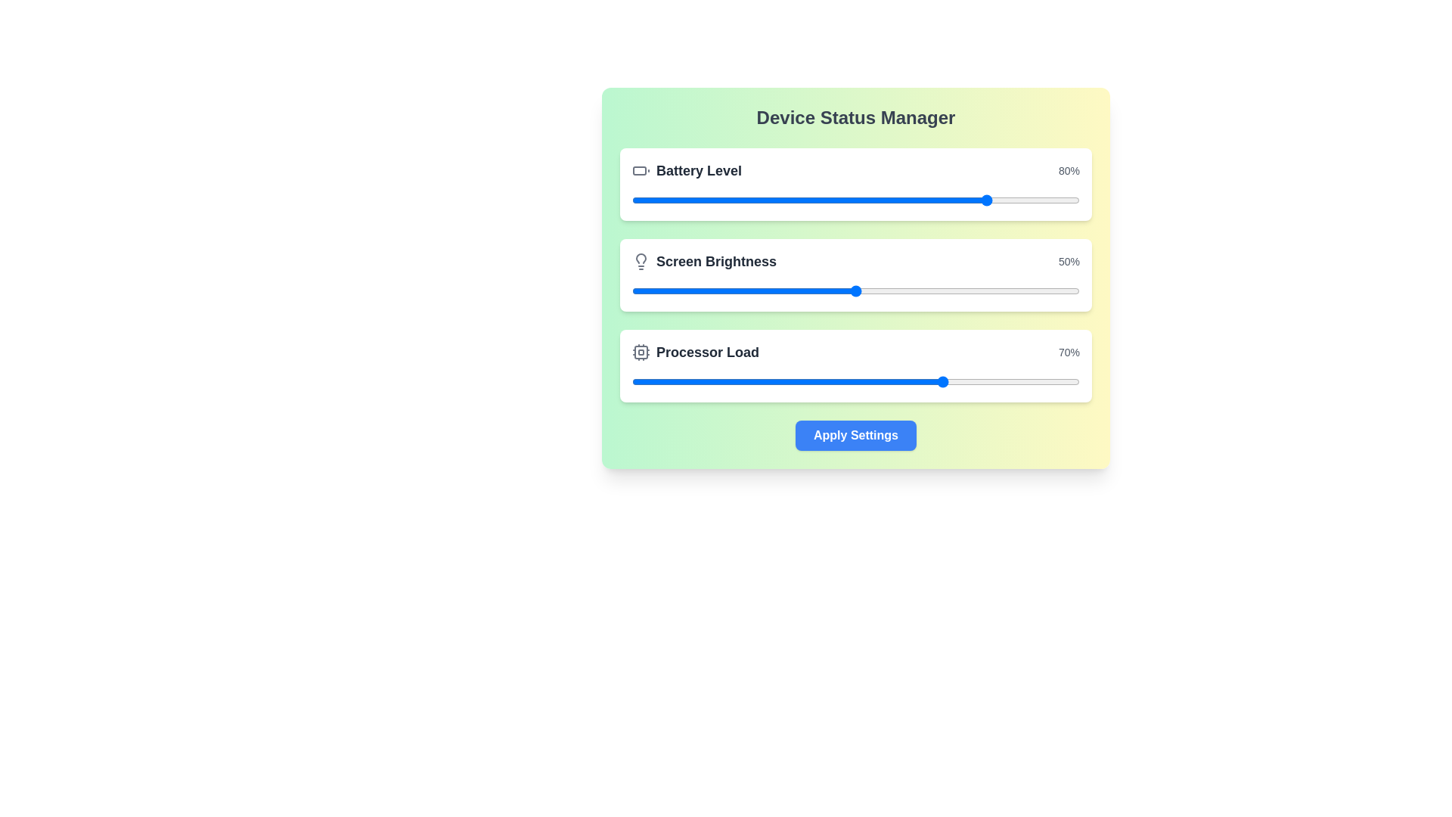 This screenshot has width=1452, height=817. What do you see at coordinates (892, 381) in the screenshot?
I see `Processor Load slider` at bounding box center [892, 381].